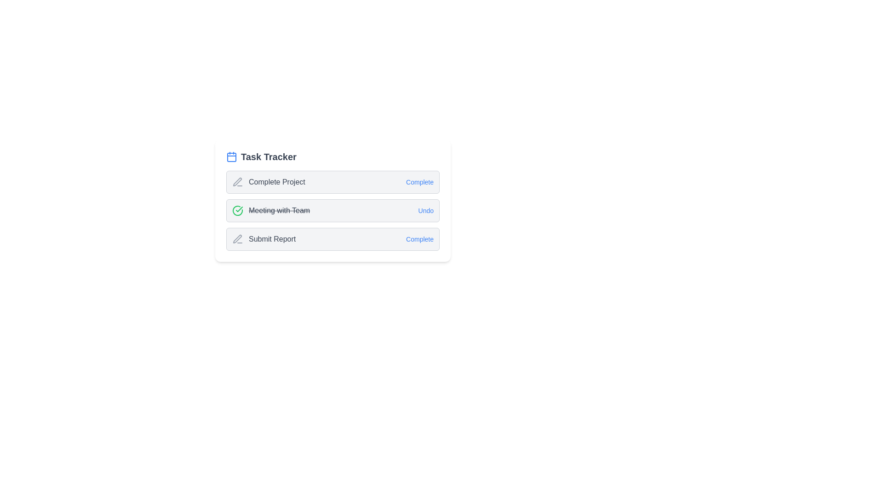 This screenshot has height=497, width=883. I want to click on the text element 'Meeting with Team', which has a gray font and a strikethrough effect, indicating it represents a completed task, so click(279, 211).